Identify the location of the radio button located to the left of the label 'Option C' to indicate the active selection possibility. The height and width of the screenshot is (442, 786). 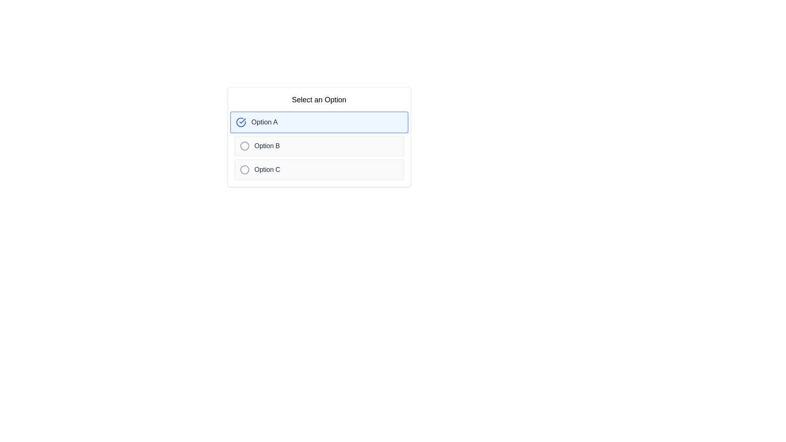
(244, 169).